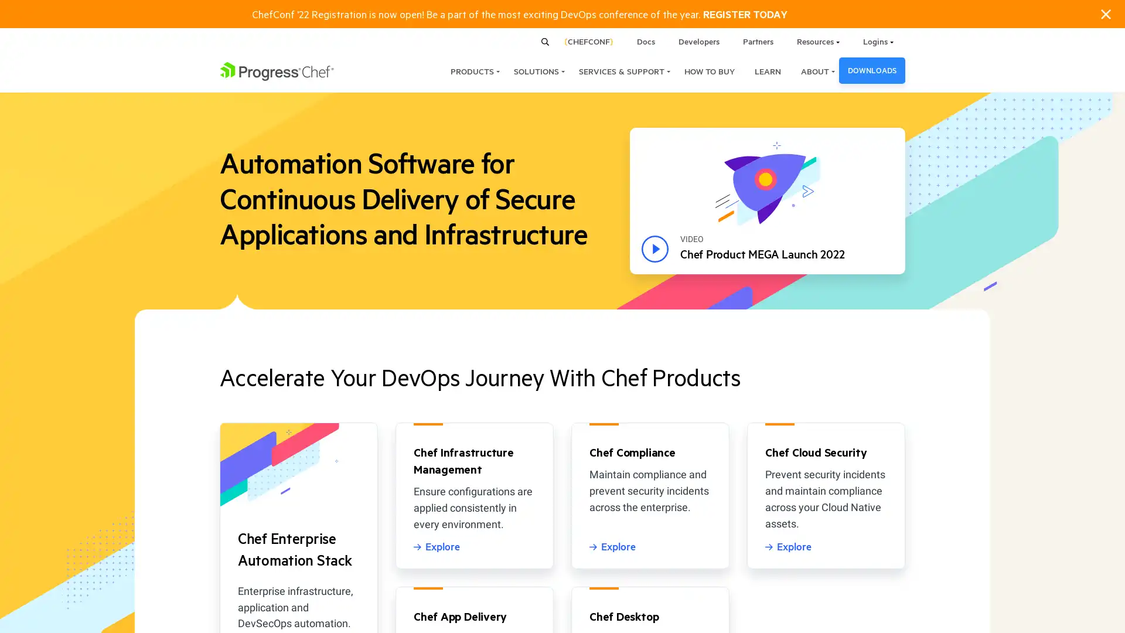 This screenshot has width=1125, height=633. I want to click on Logins, so click(878, 42).